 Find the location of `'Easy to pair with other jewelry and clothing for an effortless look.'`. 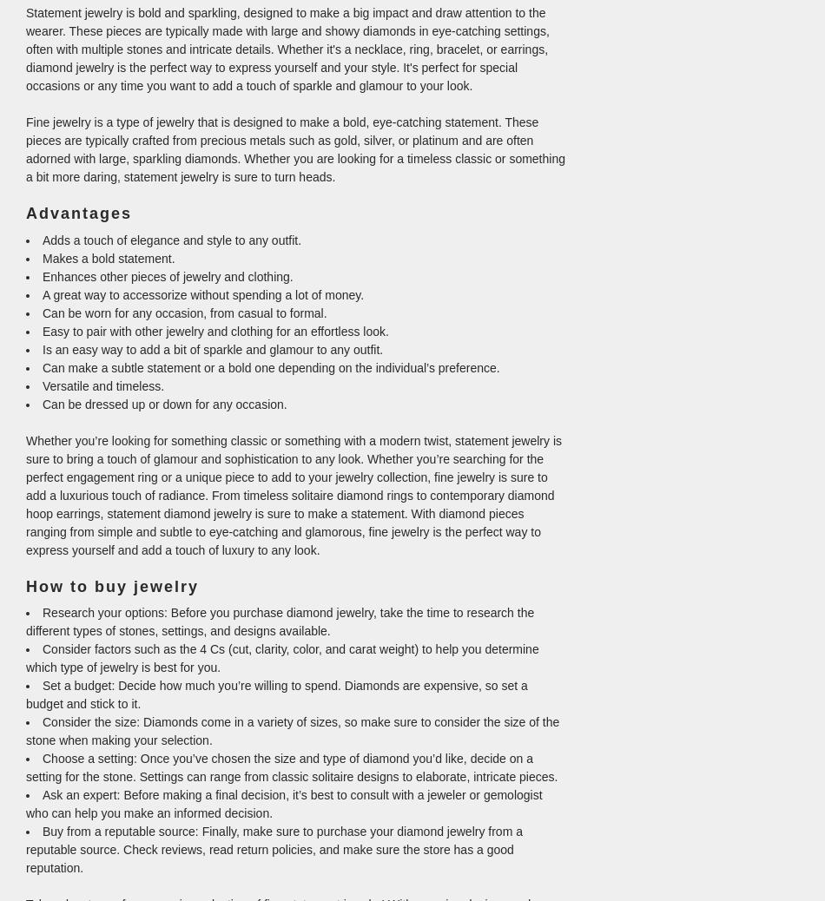

'Easy to pair with other jewelry and clothing for an effortless look.' is located at coordinates (214, 331).